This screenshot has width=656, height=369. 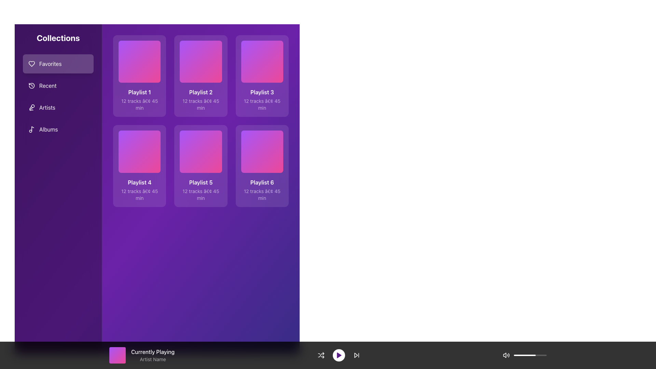 What do you see at coordinates (339, 355) in the screenshot?
I see `the play icon located at the bottom center of the interface` at bounding box center [339, 355].